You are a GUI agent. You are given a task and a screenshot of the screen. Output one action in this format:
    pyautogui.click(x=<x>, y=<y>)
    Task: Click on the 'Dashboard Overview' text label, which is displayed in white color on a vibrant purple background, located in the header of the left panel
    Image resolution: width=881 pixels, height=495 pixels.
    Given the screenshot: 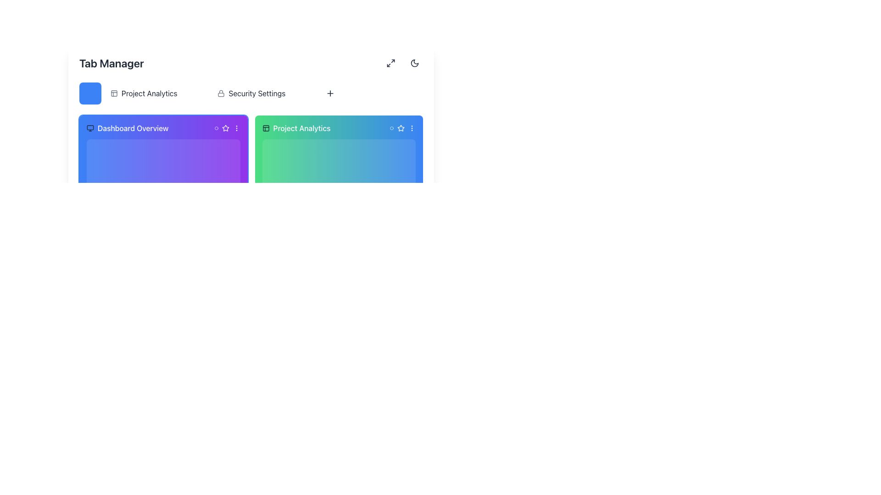 What is the action you would take?
    pyautogui.click(x=133, y=128)
    